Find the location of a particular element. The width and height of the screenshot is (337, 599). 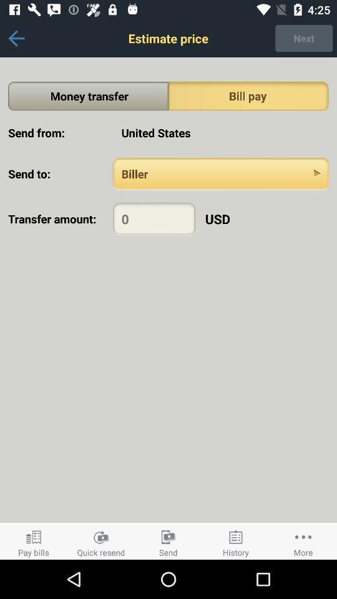

choose recipient option is located at coordinates (220, 173).